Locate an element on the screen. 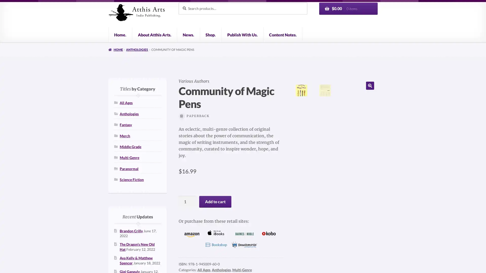  Add to cart is located at coordinates (215, 201).